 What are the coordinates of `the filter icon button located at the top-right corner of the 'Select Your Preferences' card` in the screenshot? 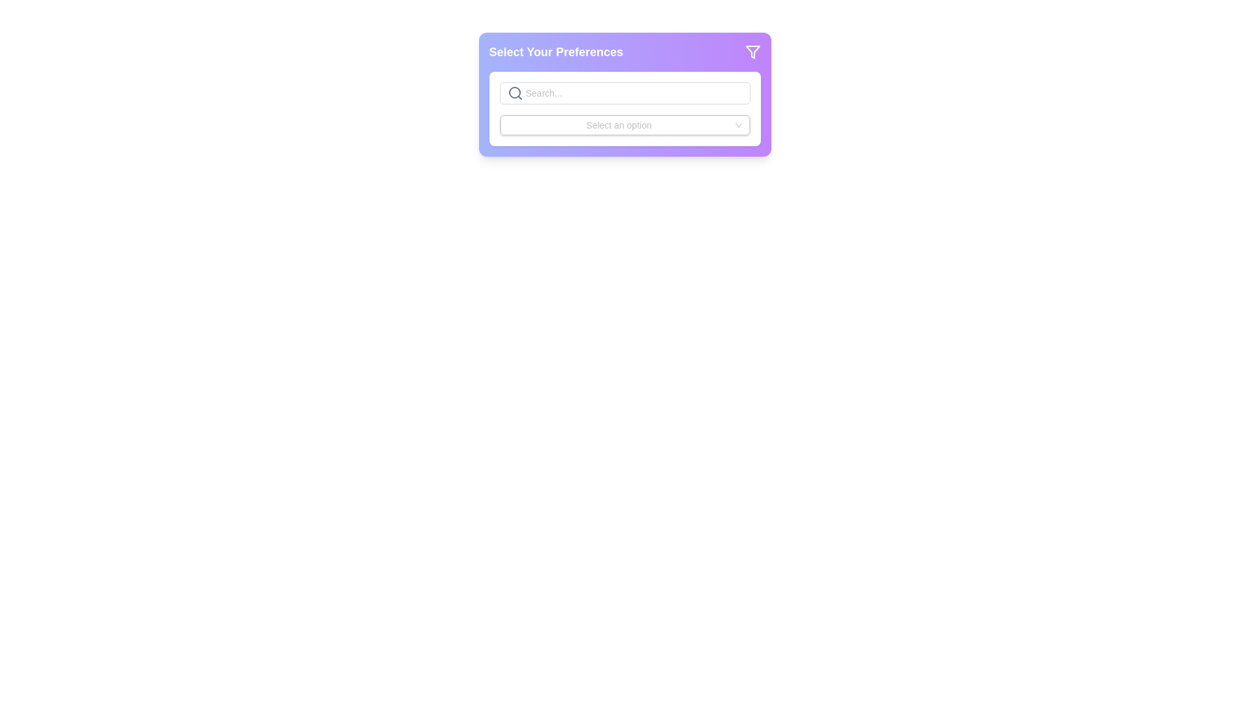 It's located at (752, 52).